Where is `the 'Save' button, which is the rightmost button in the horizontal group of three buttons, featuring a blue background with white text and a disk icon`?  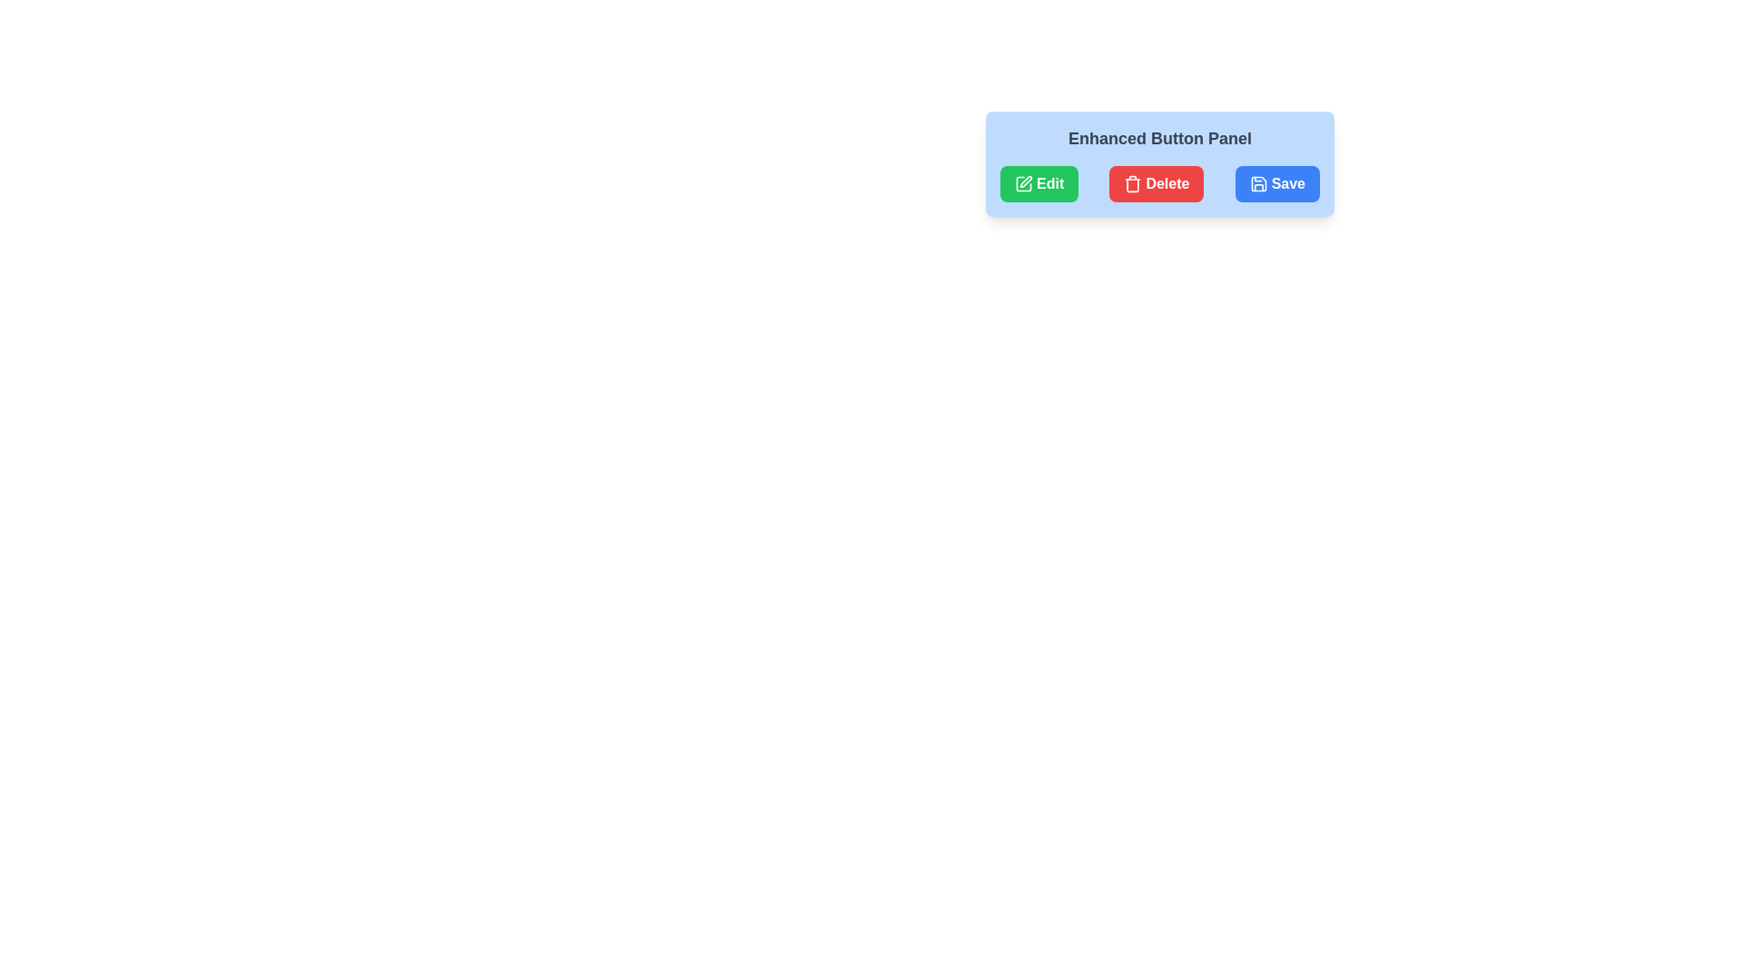
the 'Save' button, which is the rightmost button in the horizontal group of three buttons, featuring a blue background with white text and a disk icon is located at coordinates (1276, 184).